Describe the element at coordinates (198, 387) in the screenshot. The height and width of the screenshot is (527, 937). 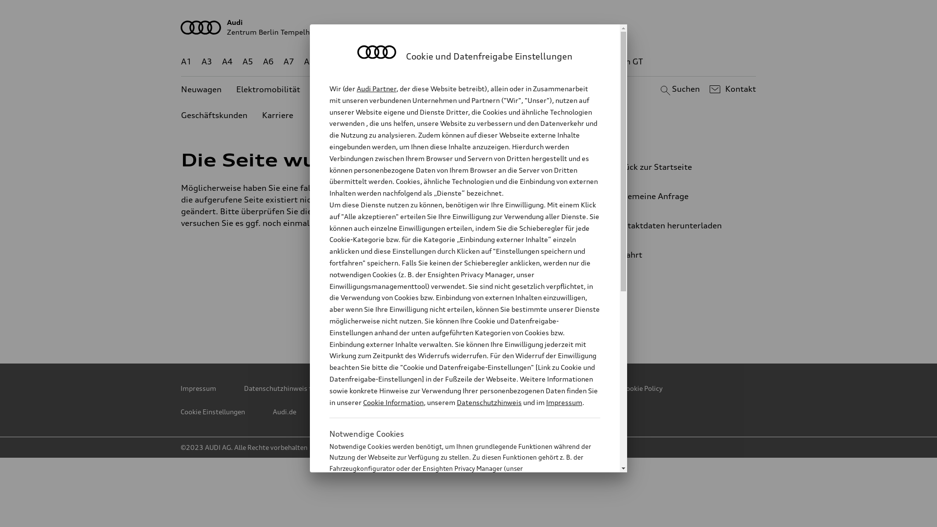
I see `'Impressum'` at that location.